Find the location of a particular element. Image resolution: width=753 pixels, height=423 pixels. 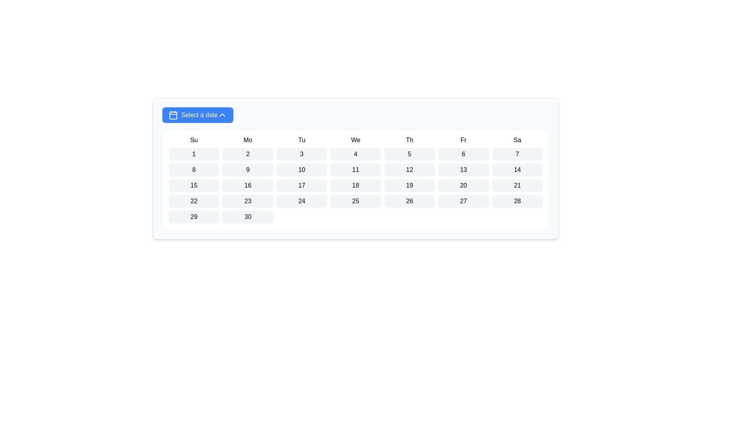

the button displaying '10' in the calendar grid is located at coordinates (301, 170).